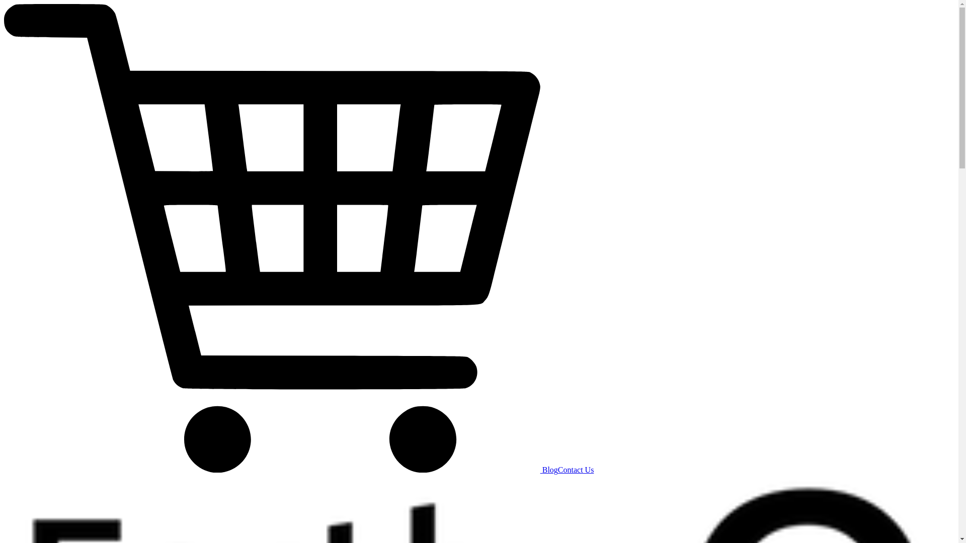 Image resolution: width=966 pixels, height=543 pixels. Describe the element at coordinates (542, 470) in the screenshot. I see `'Blog'` at that location.